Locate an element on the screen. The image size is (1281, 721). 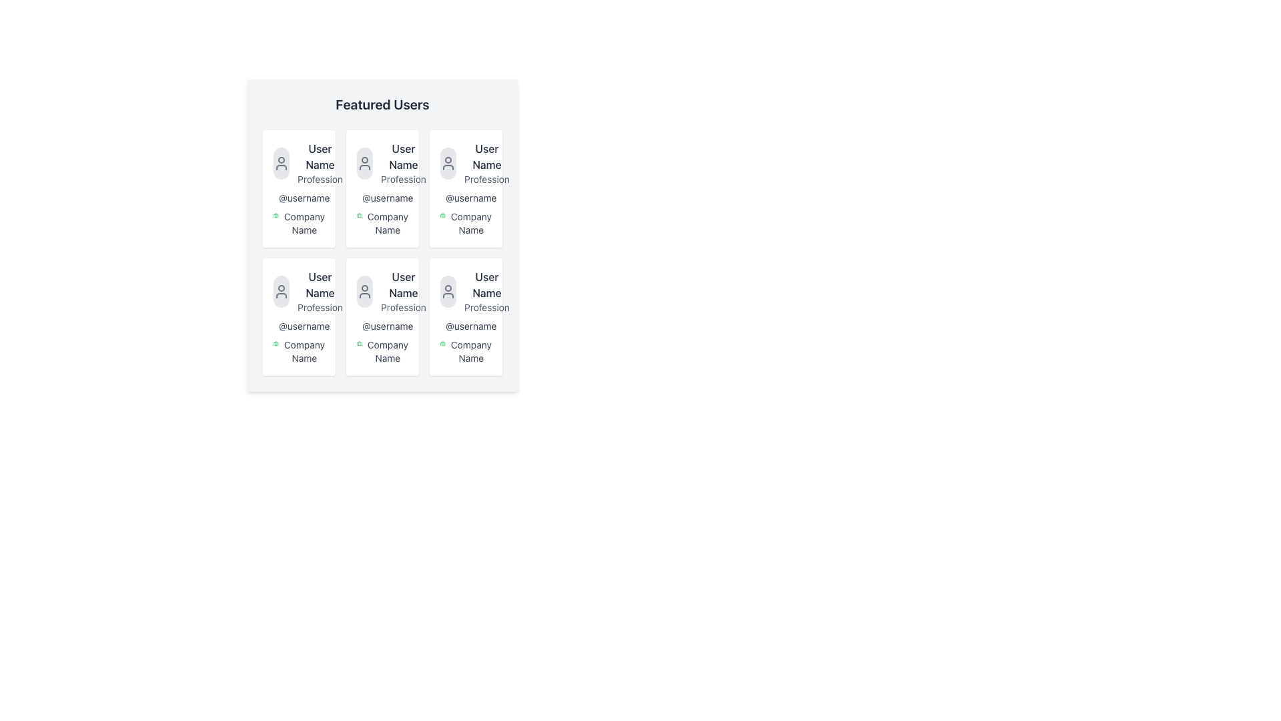
the Profile Card located in the second column of the first row under the 'Featured Users' section is located at coordinates (382, 188).